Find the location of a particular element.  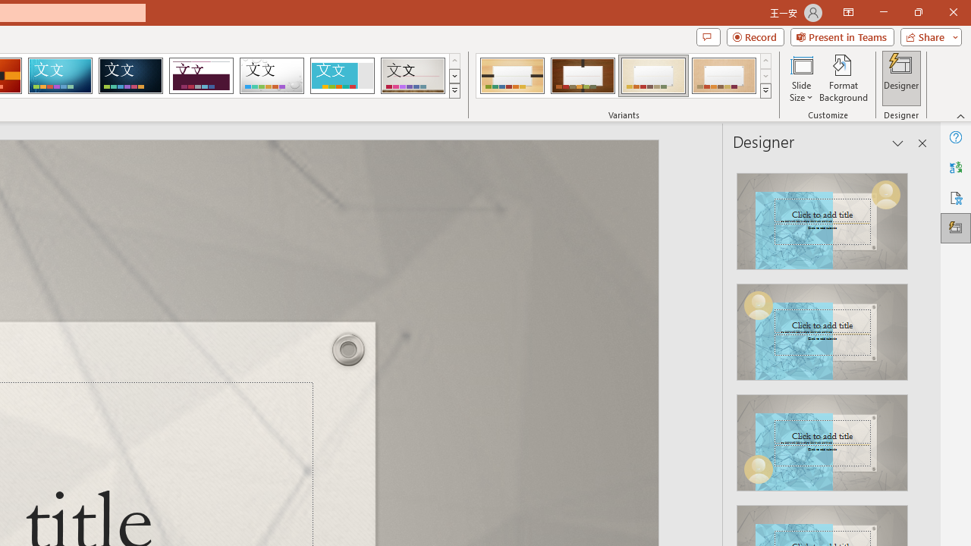

'Damask' is located at coordinates (130, 76).